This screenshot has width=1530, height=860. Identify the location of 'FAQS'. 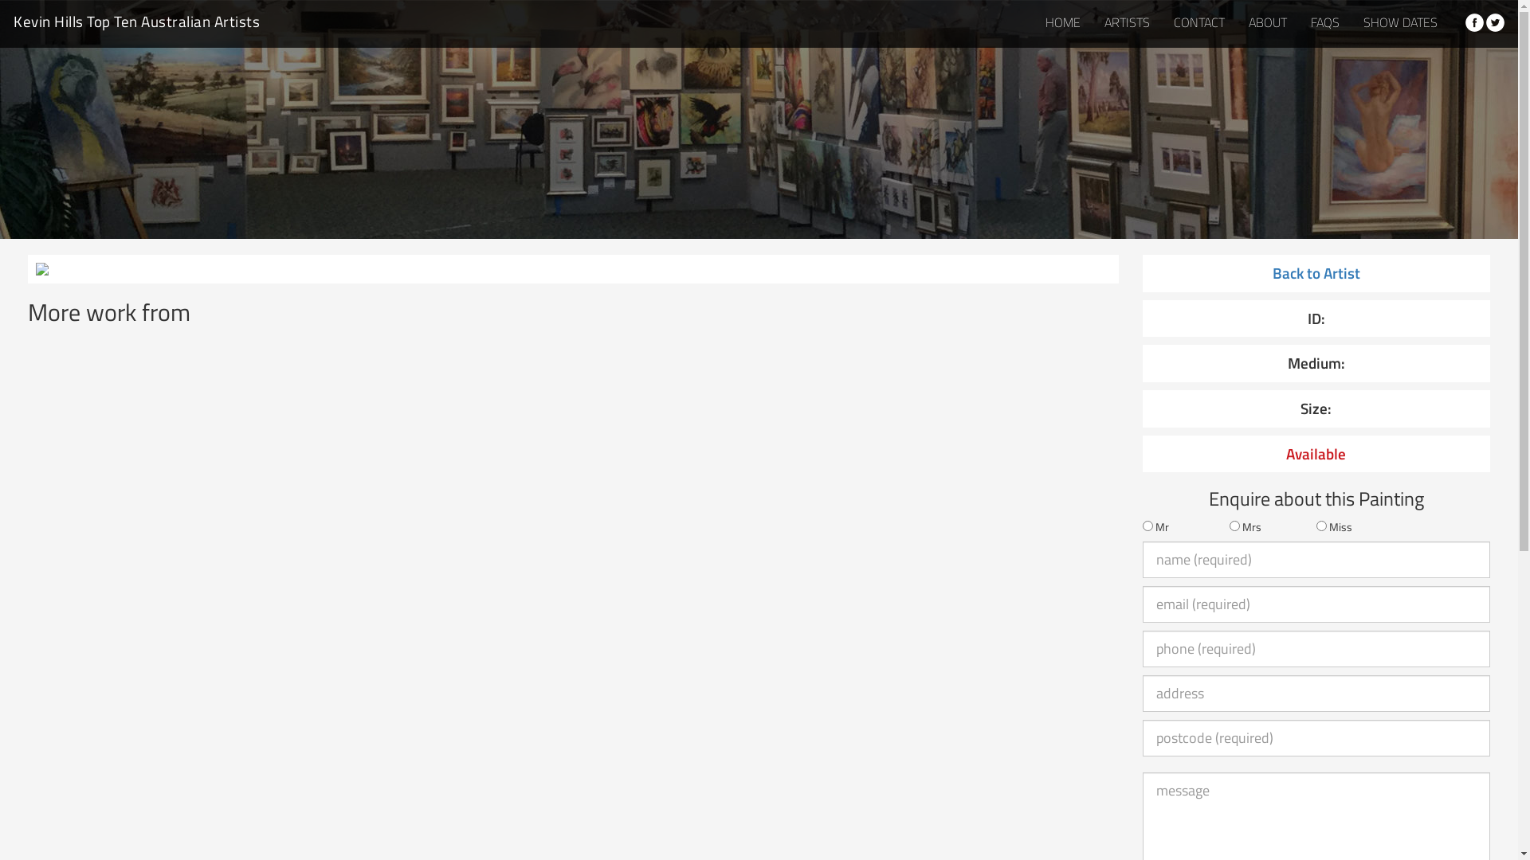
(1324, 21).